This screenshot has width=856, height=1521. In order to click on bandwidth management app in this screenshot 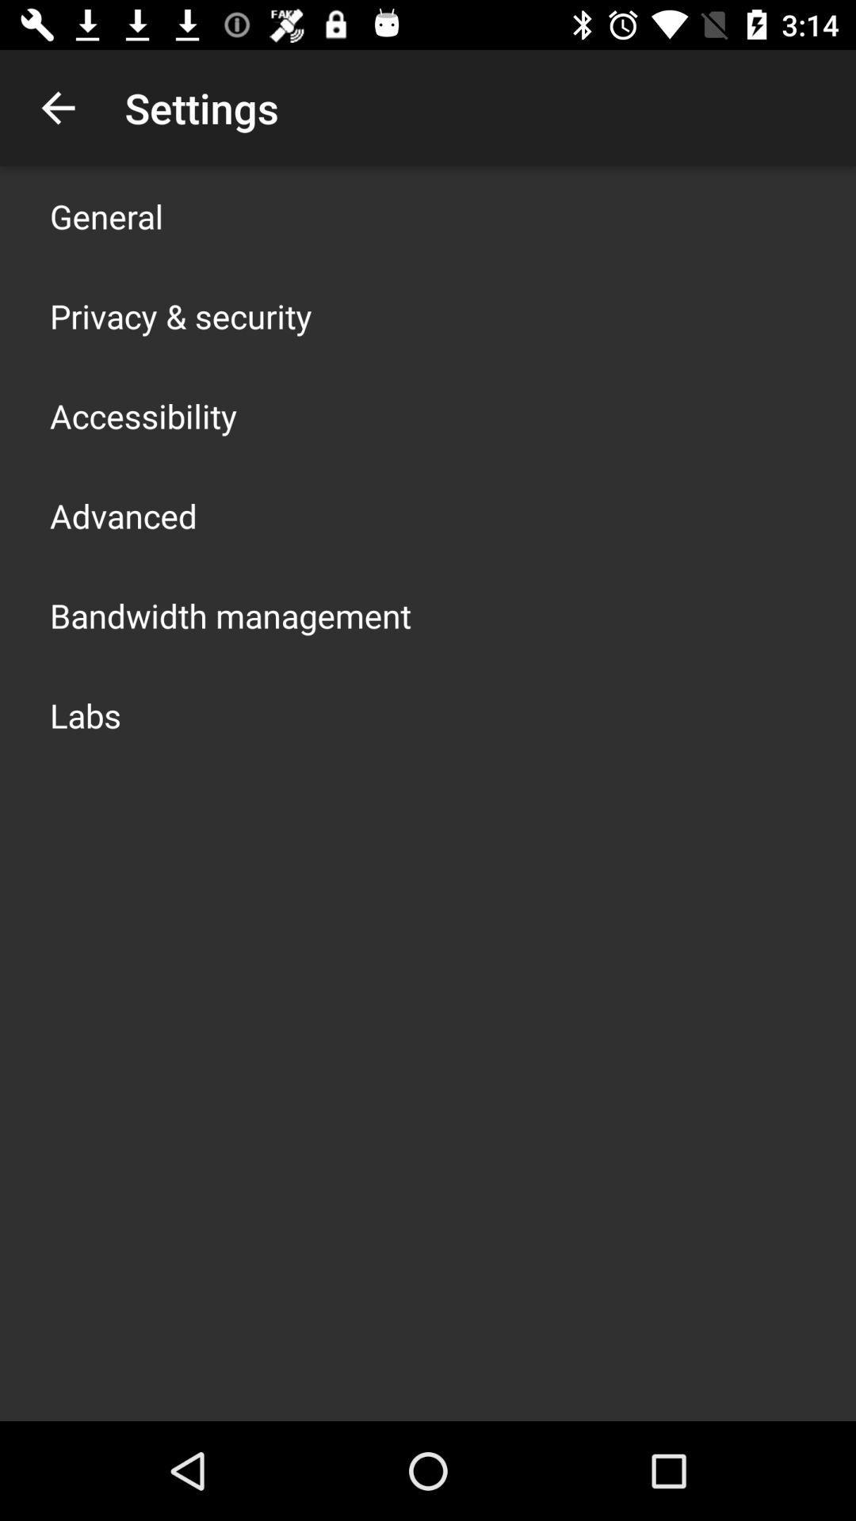, I will do `click(230, 615)`.